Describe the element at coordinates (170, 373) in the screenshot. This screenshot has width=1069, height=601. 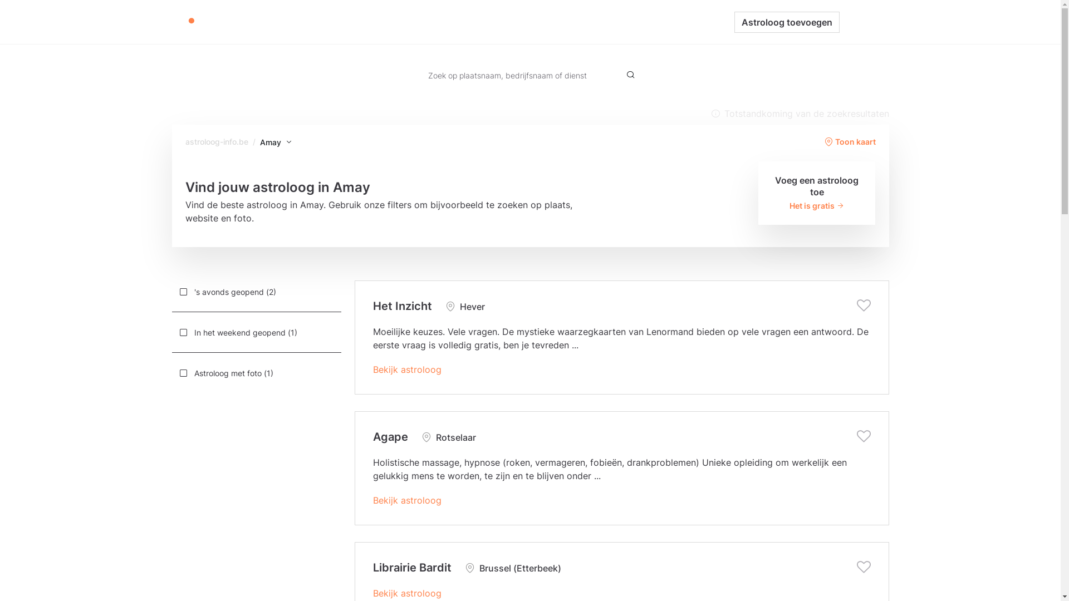
I see `'Astroloog met foto (1)'` at that location.